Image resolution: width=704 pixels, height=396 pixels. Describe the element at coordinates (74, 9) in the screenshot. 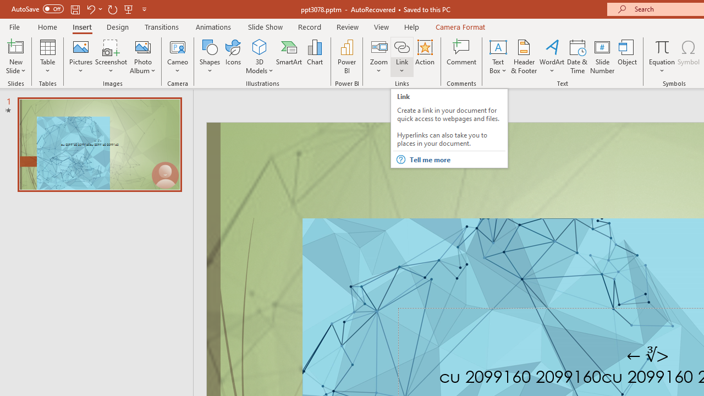

I see `'Save'` at that location.